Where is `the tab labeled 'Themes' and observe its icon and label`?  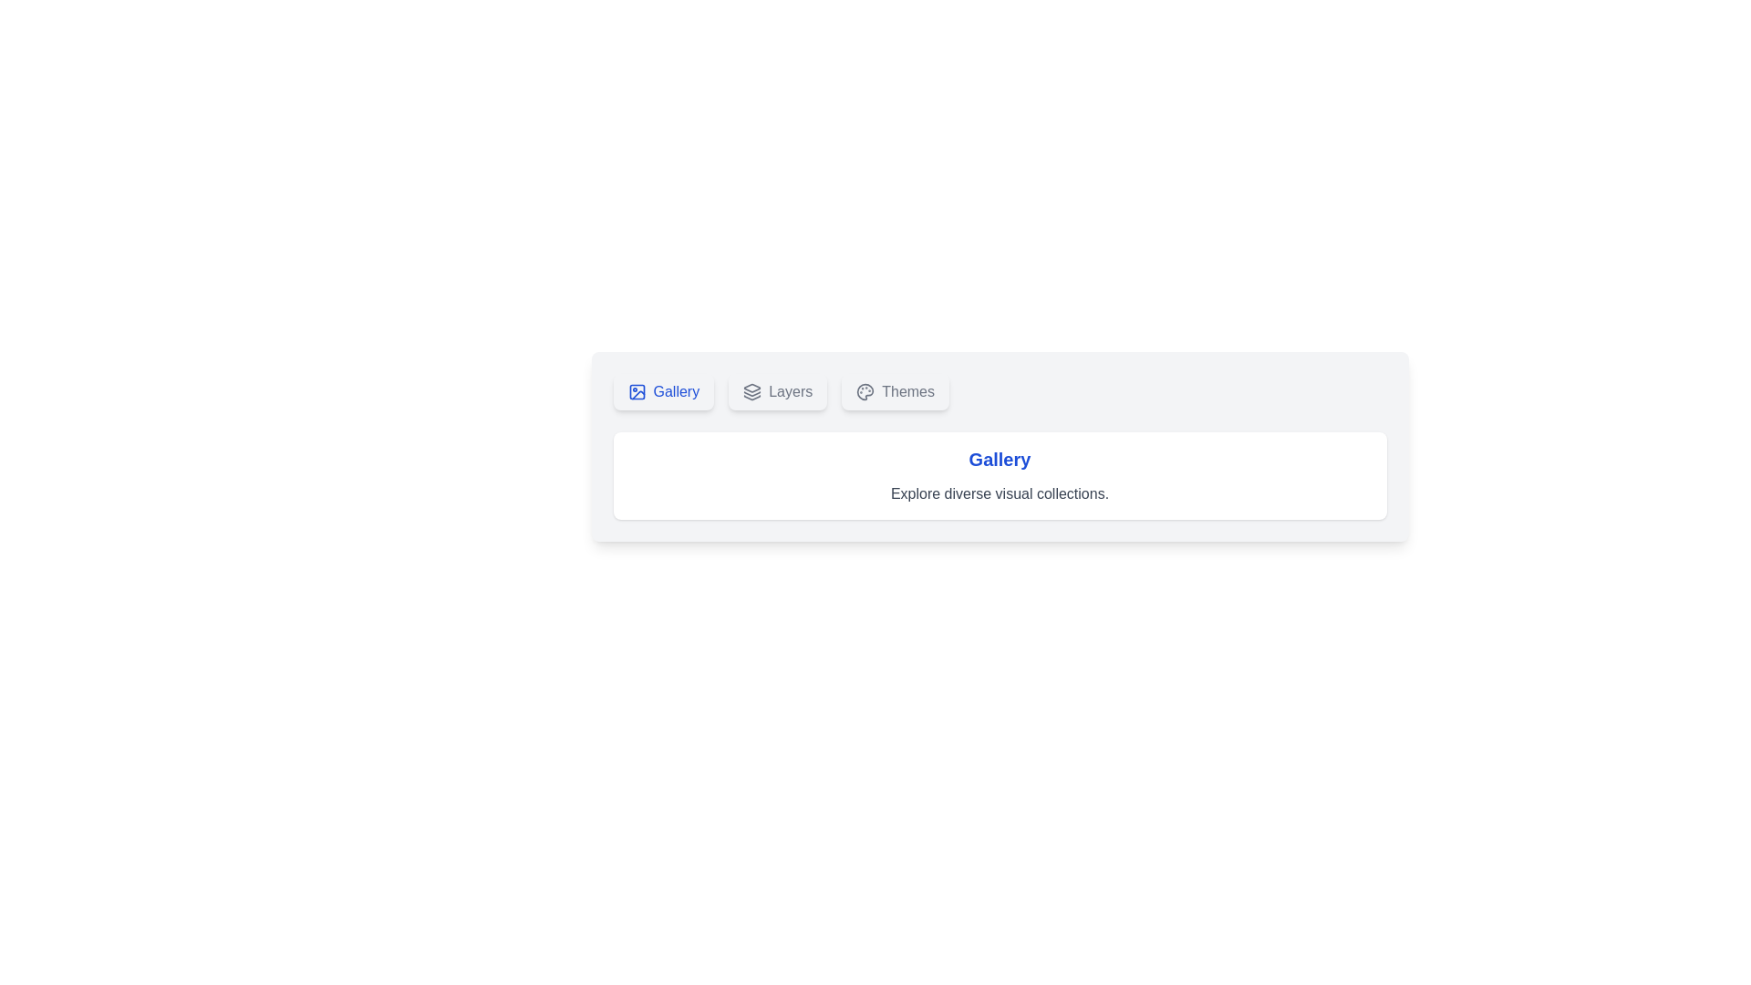 the tab labeled 'Themes' and observe its icon and label is located at coordinates (896, 390).